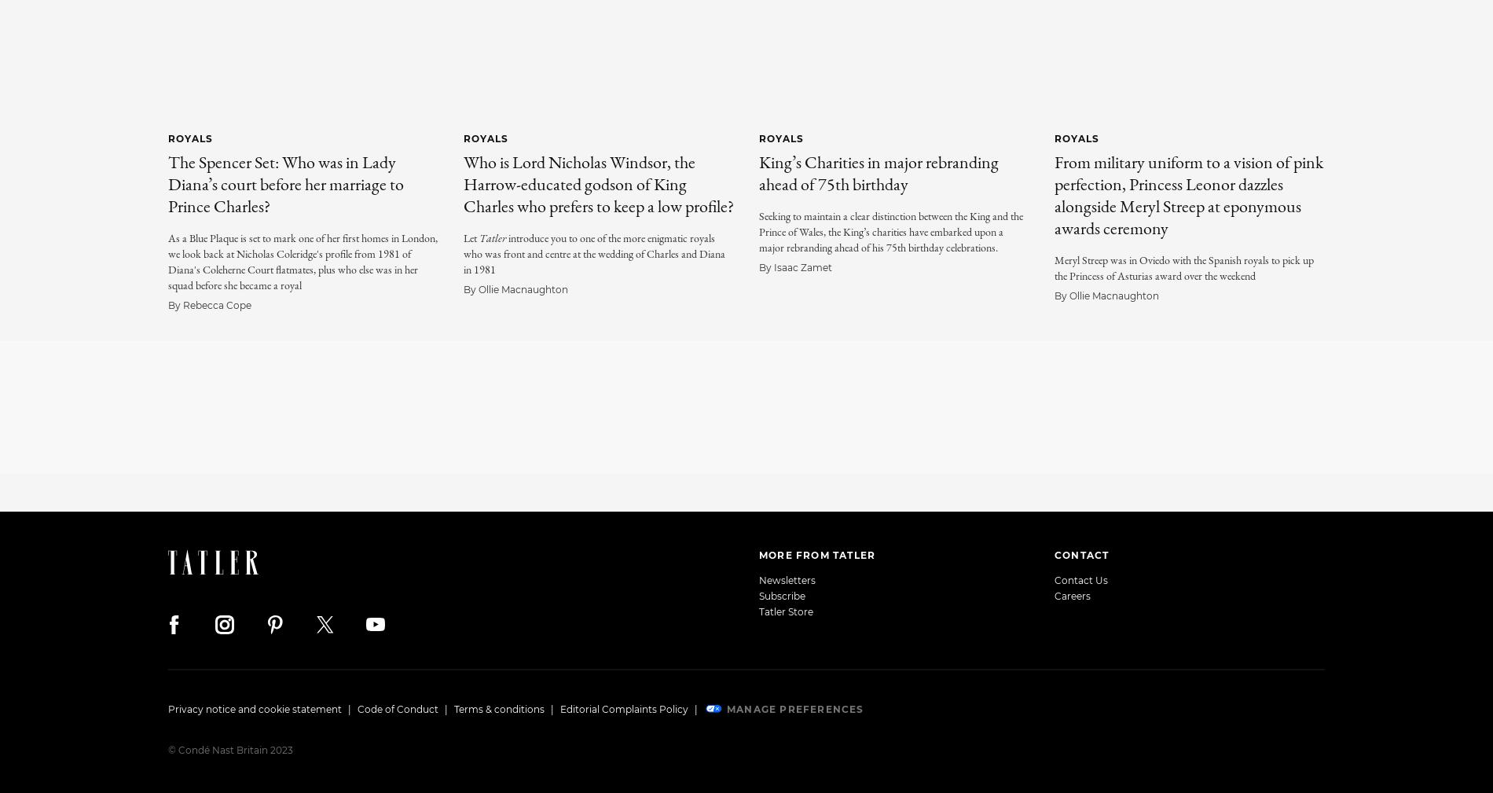  What do you see at coordinates (229, 749) in the screenshot?
I see `'© Condé Nast Britain 2023'` at bounding box center [229, 749].